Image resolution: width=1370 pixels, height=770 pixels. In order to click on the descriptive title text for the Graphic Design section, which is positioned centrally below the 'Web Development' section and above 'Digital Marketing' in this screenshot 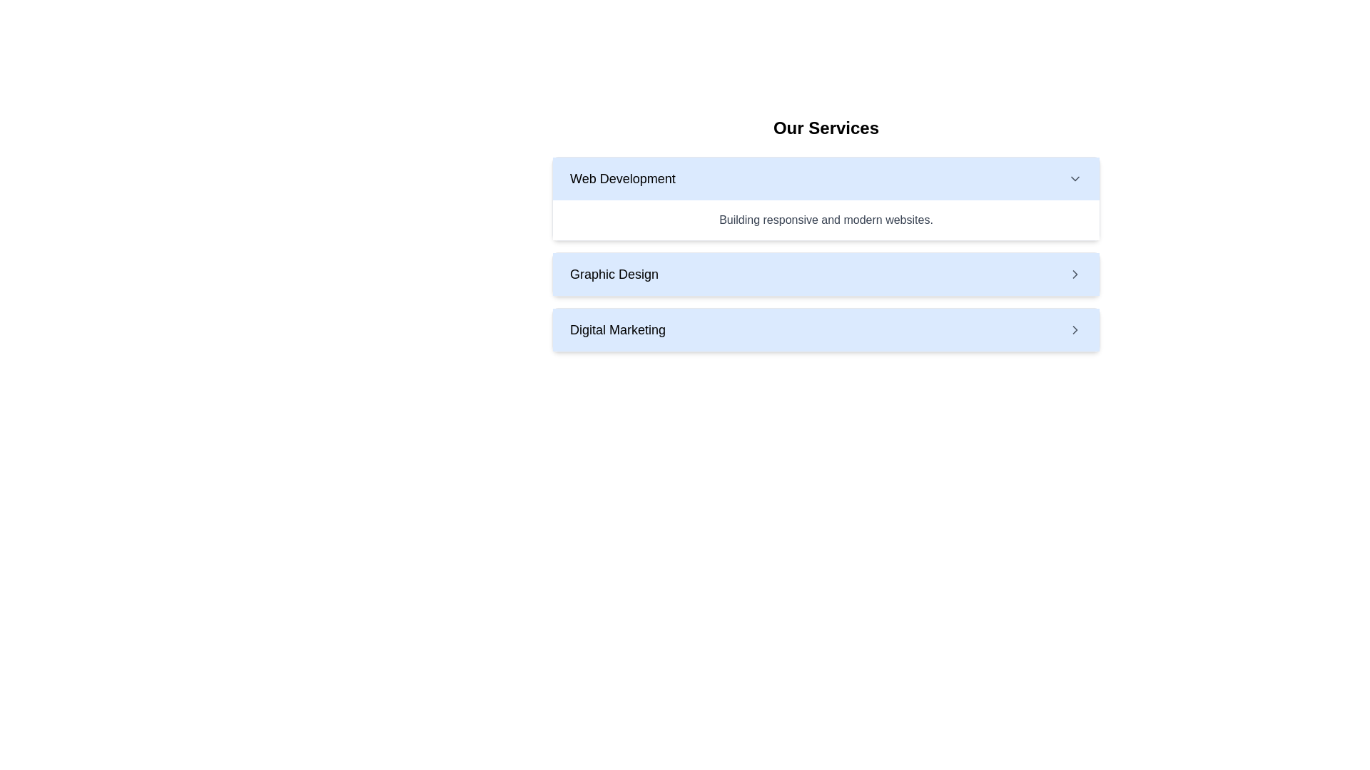, I will do `click(614, 274)`.